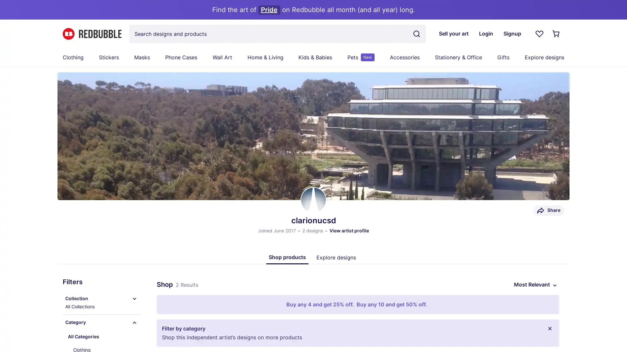  What do you see at coordinates (549, 210) in the screenshot?
I see `Share` at bounding box center [549, 210].